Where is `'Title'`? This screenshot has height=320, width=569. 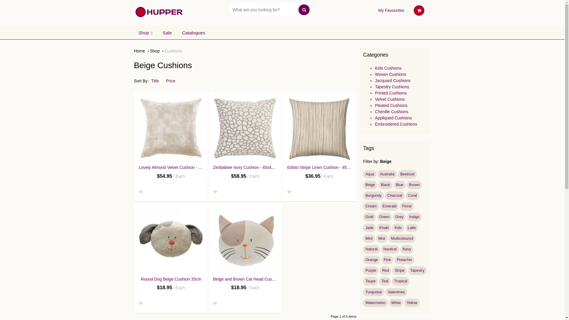
'Title' is located at coordinates (151, 81).